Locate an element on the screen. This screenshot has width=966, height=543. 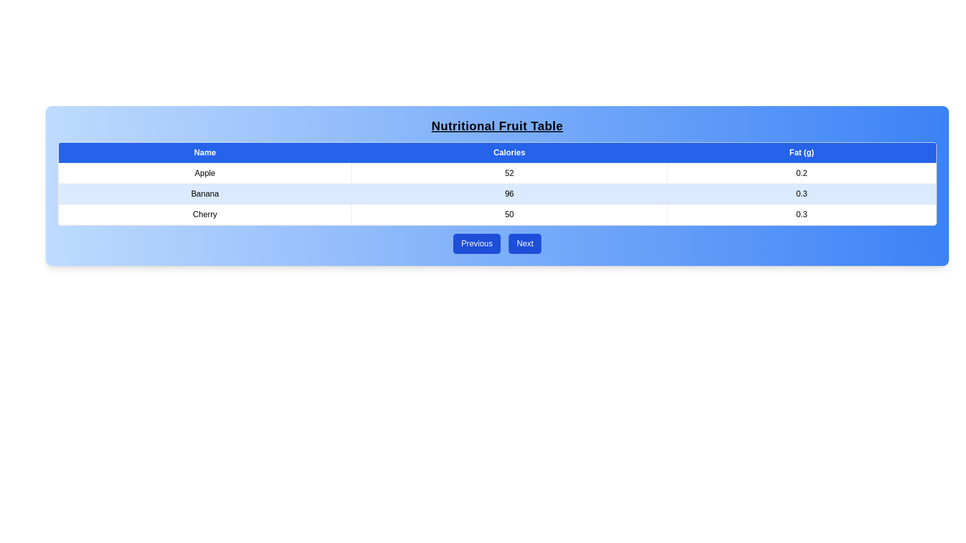
the Text data cell displaying the calorie count for 'Apple' in the second column of the first row of the table is located at coordinates (509, 172).